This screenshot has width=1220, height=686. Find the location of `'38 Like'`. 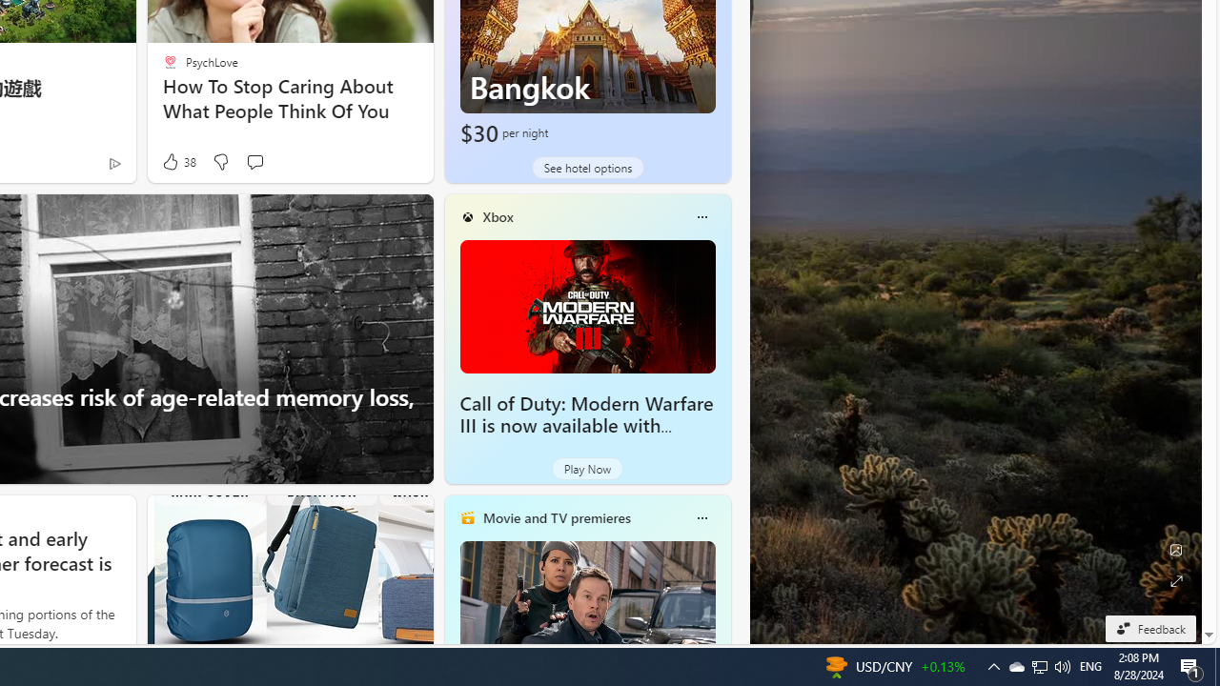

'38 Like' is located at coordinates (177, 161).